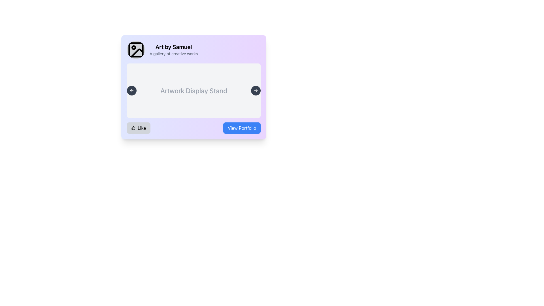 This screenshot has height=306, width=544. What do you see at coordinates (194, 90) in the screenshot?
I see `the static text label located in the central part of the card layout, positioned below the heading 'Art by Samuel' and above the buttons 'Like' and 'View Portfolio'` at bounding box center [194, 90].